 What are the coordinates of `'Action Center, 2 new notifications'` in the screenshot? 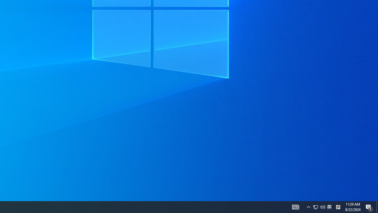 It's located at (377, 206).